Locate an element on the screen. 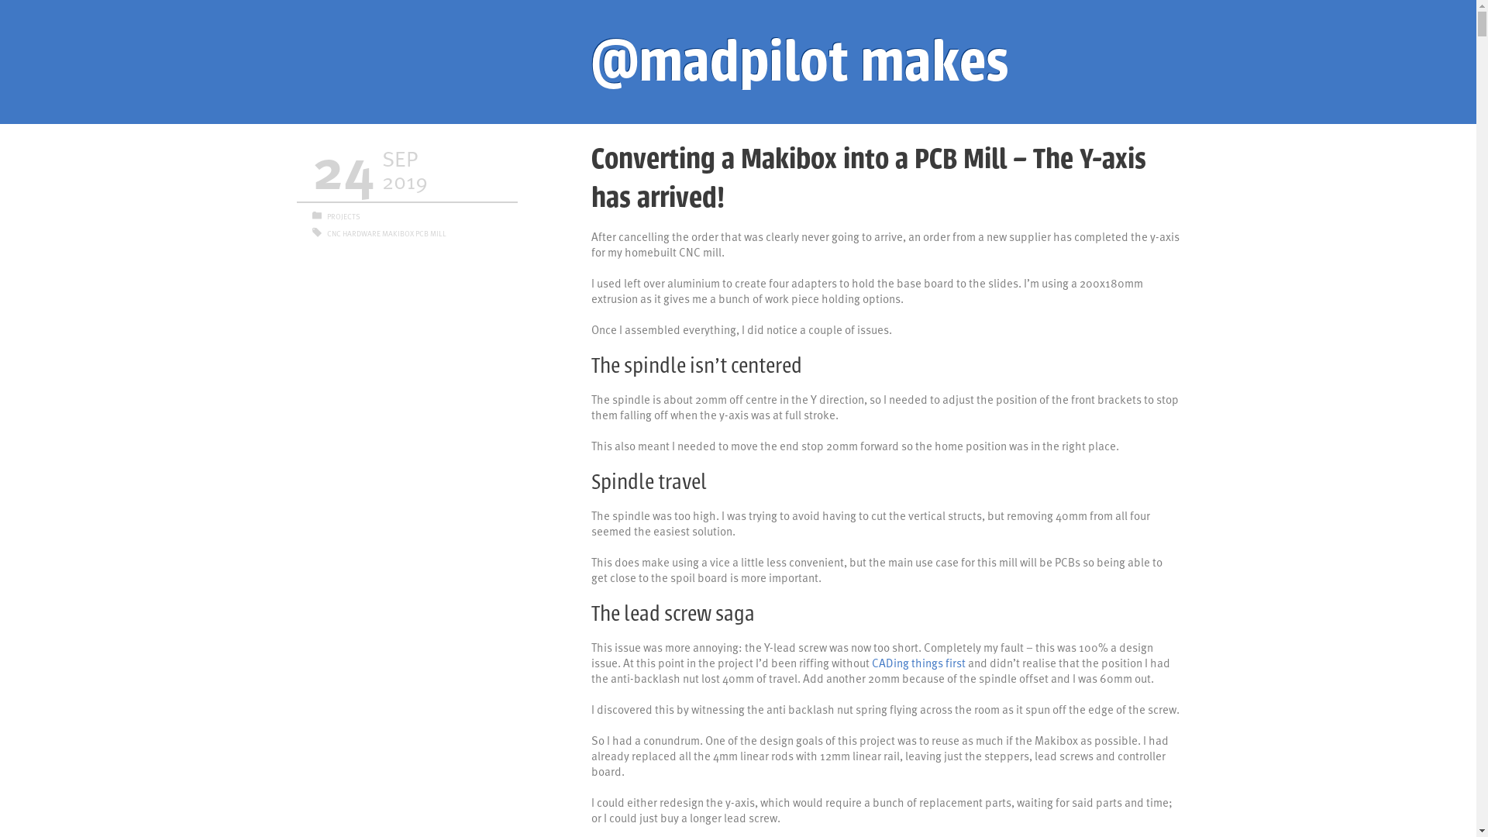 The width and height of the screenshot is (1488, 837). 'PCB MILL' is located at coordinates (431, 232).